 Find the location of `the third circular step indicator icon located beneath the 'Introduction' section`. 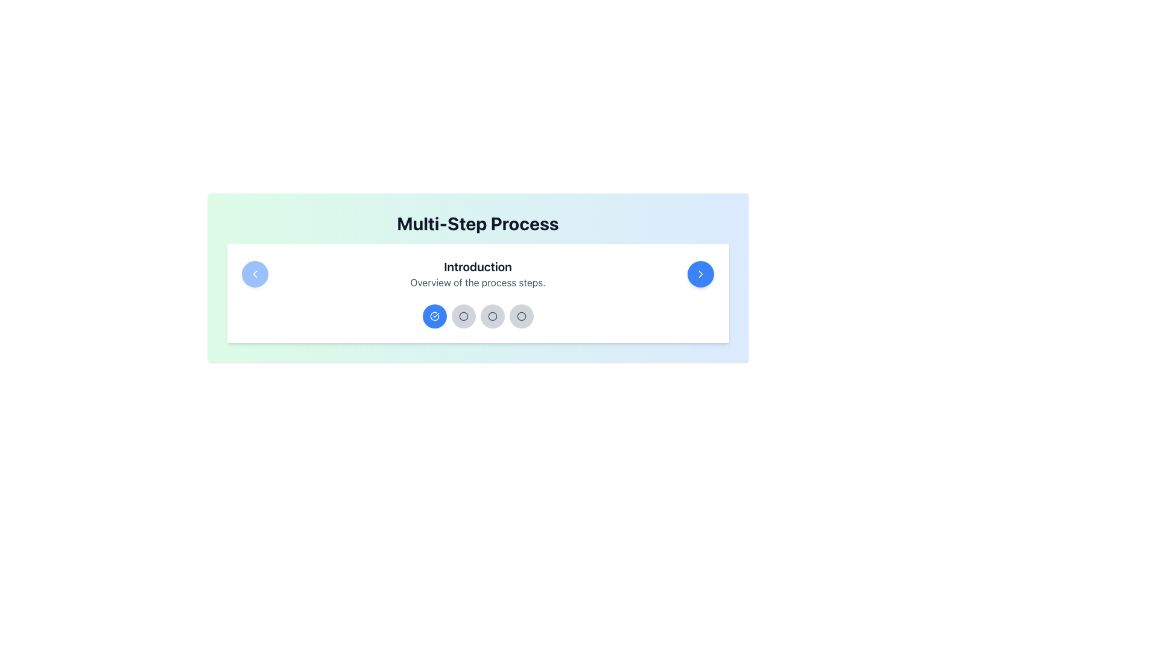

the third circular step indicator icon located beneath the 'Introduction' section is located at coordinates (521, 315).